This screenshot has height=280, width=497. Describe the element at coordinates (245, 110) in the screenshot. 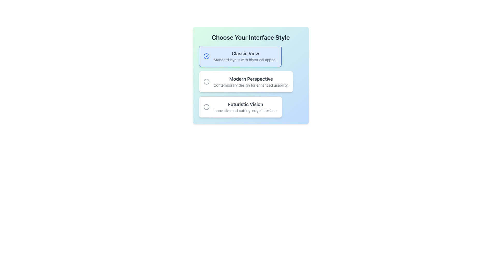

I see `the text label reading 'Innovative and cutting-edge interface.' located below the bold text 'Futuristic Vision' within the selection card labeled 'Futuristic Vision.'` at that location.